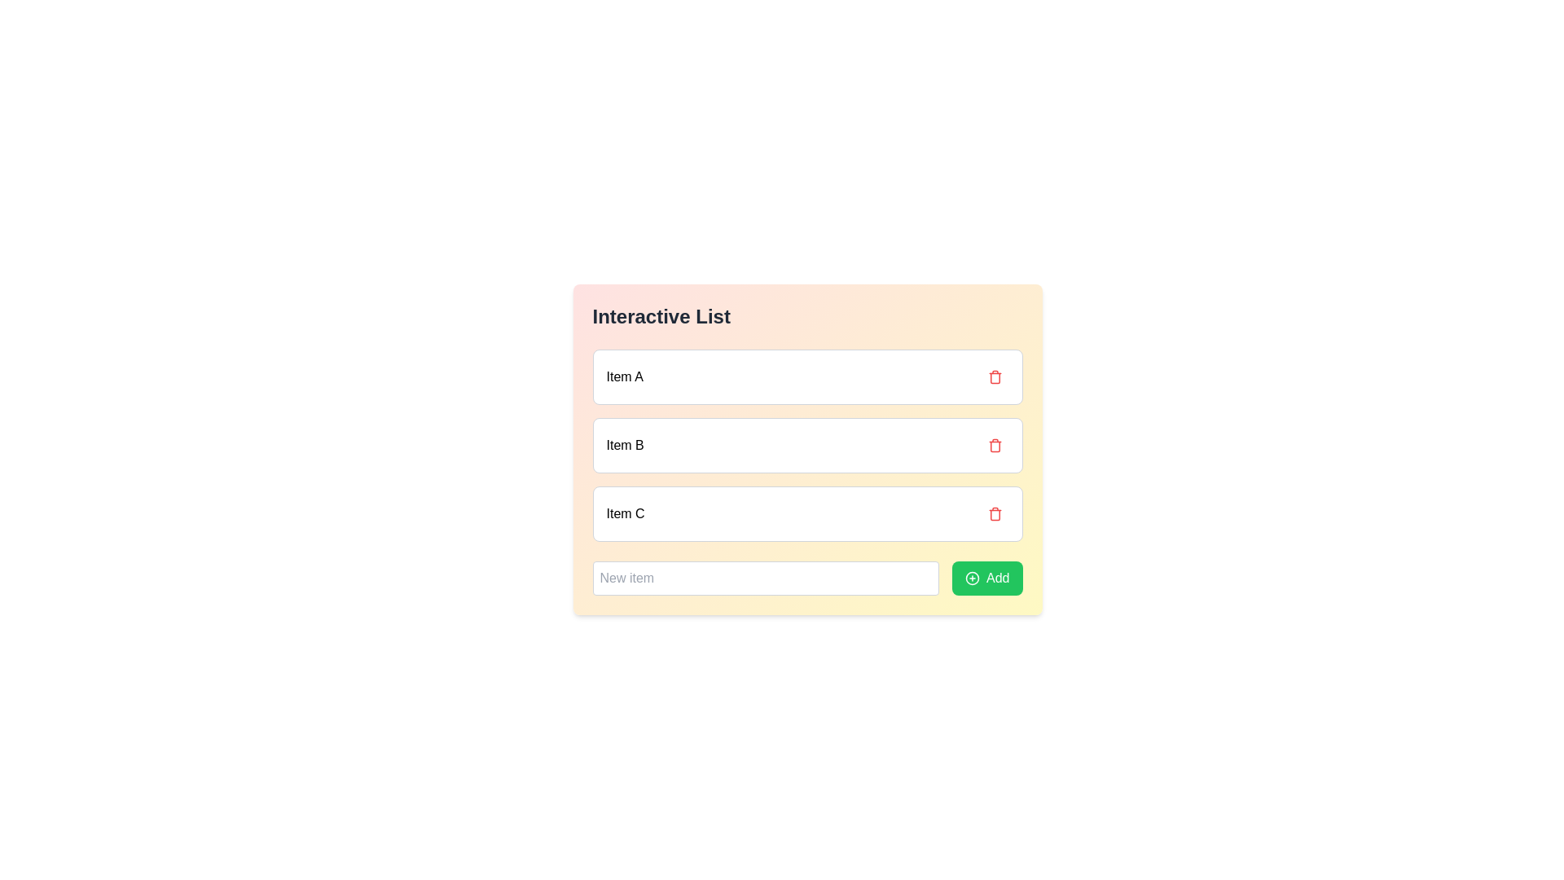 This screenshot has width=1564, height=880. What do you see at coordinates (661, 317) in the screenshot?
I see `bold text label that says 'Interactive List', located at the top-left of the section with a light gradient background` at bounding box center [661, 317].